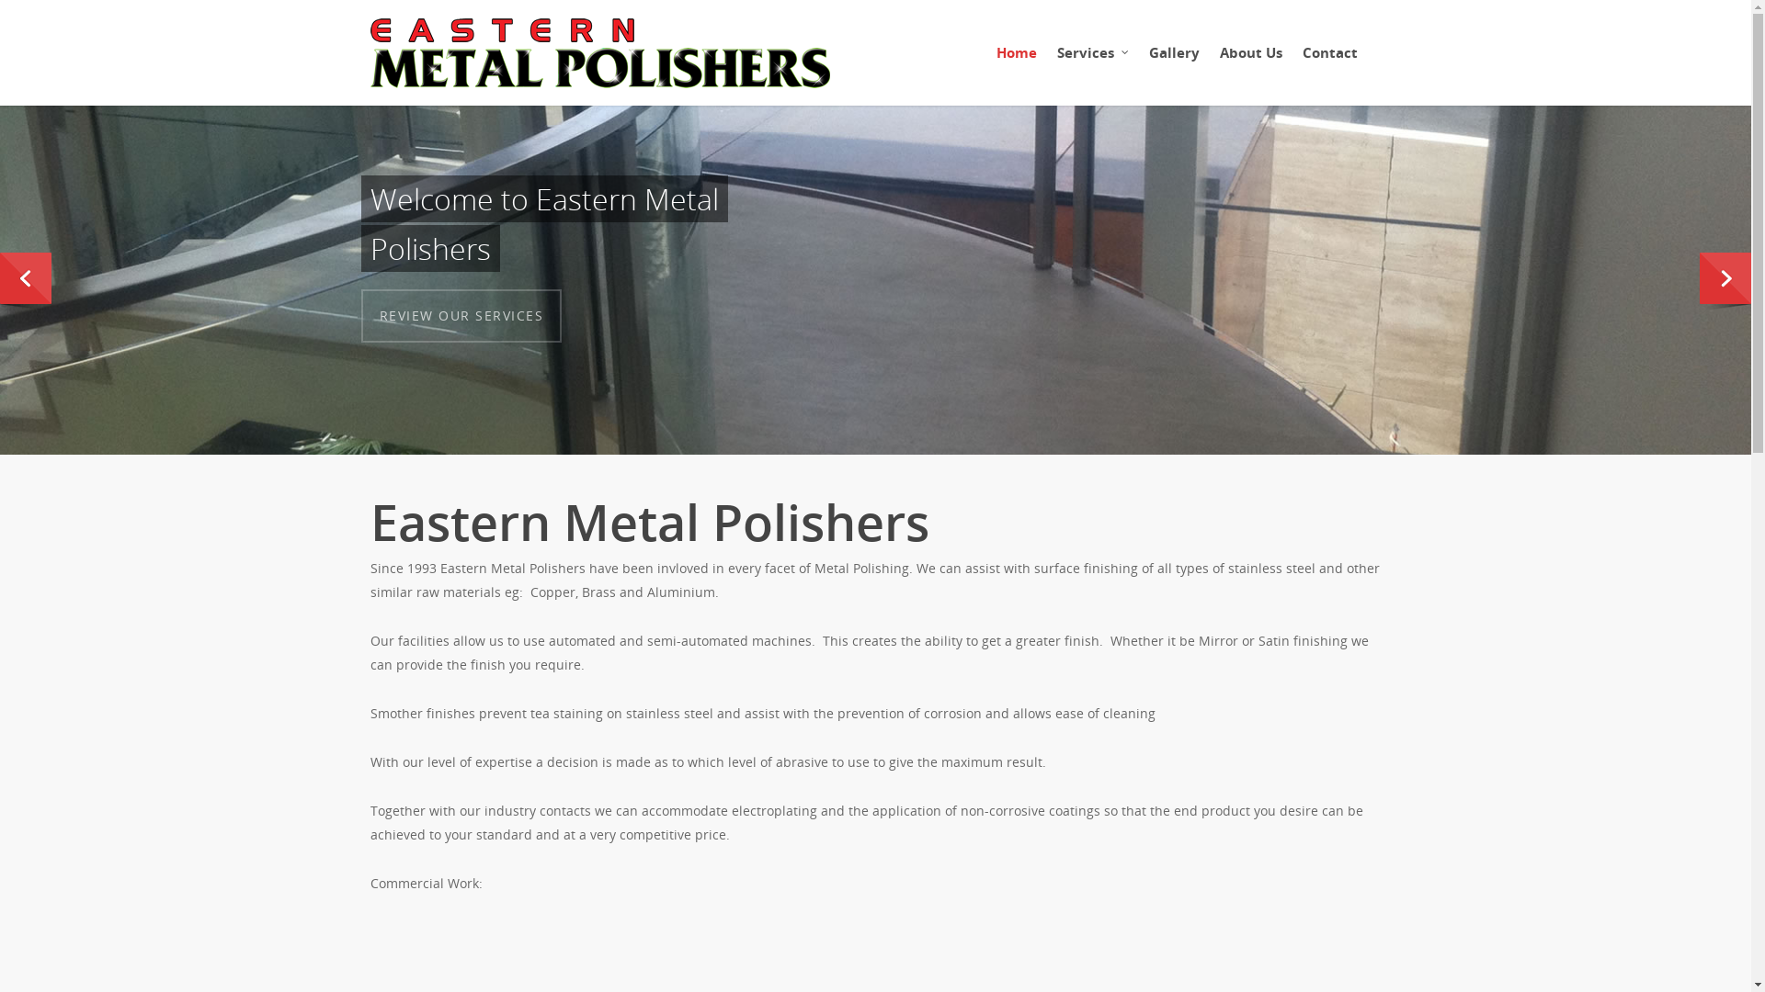 The width and height of the screenshot is (1765, 992). Describe the element at coordinates (1328, 61) in the screenshot. I see `'Contact'` at that location.